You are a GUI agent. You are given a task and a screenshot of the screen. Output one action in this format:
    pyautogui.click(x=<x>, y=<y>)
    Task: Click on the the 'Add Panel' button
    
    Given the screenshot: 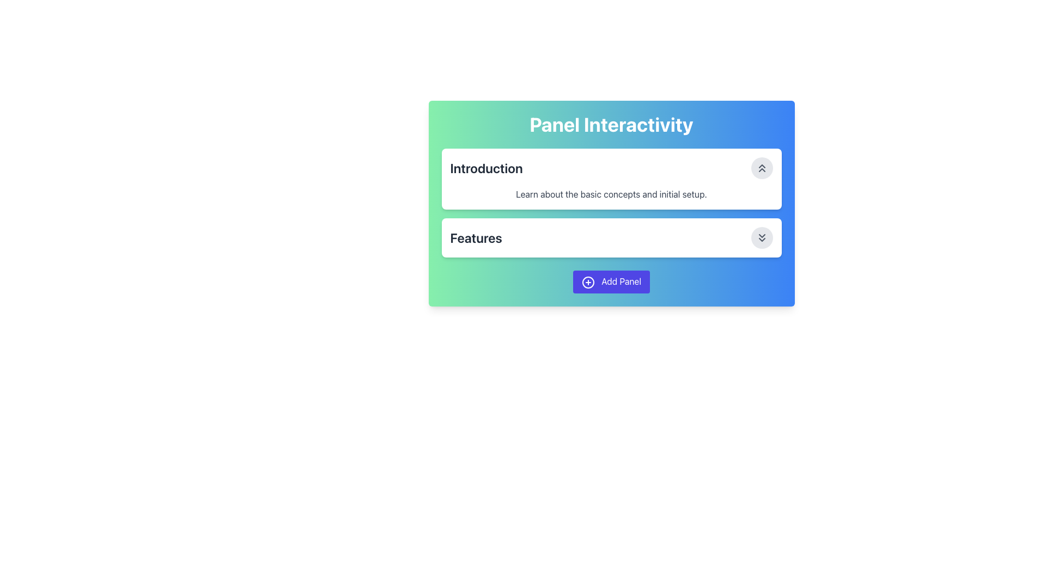 What is the action you would take?
    pyautogui.click(x=611, y=281)
    